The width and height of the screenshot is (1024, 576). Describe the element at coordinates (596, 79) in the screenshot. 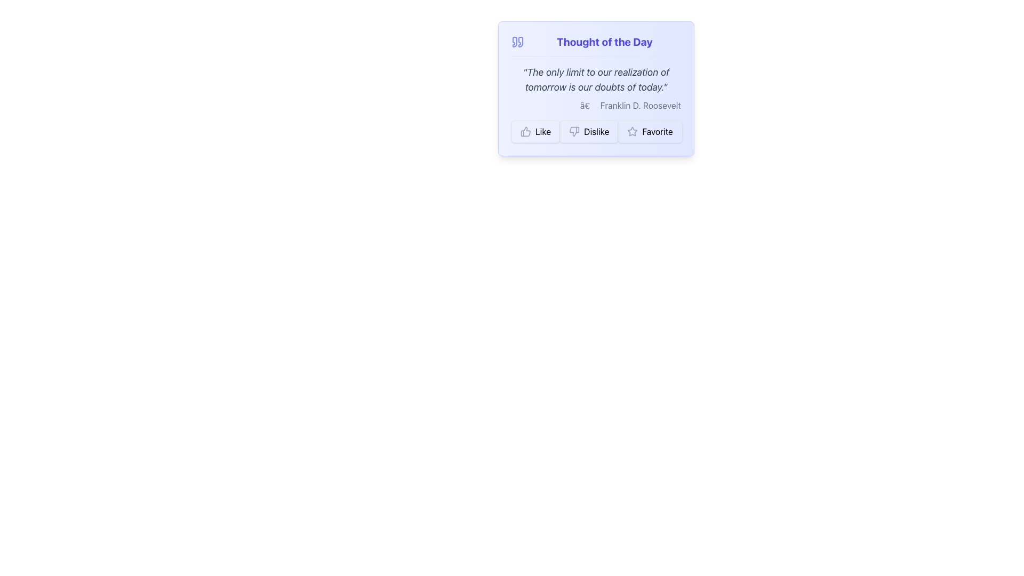

I see `text block styled in a gray italic font that contains the quote 'The only limit to our realization of tomorrow is our doubts of today.', located in the central part of a light indigo gradient card below the title 'Thought of the Day'` at that location.